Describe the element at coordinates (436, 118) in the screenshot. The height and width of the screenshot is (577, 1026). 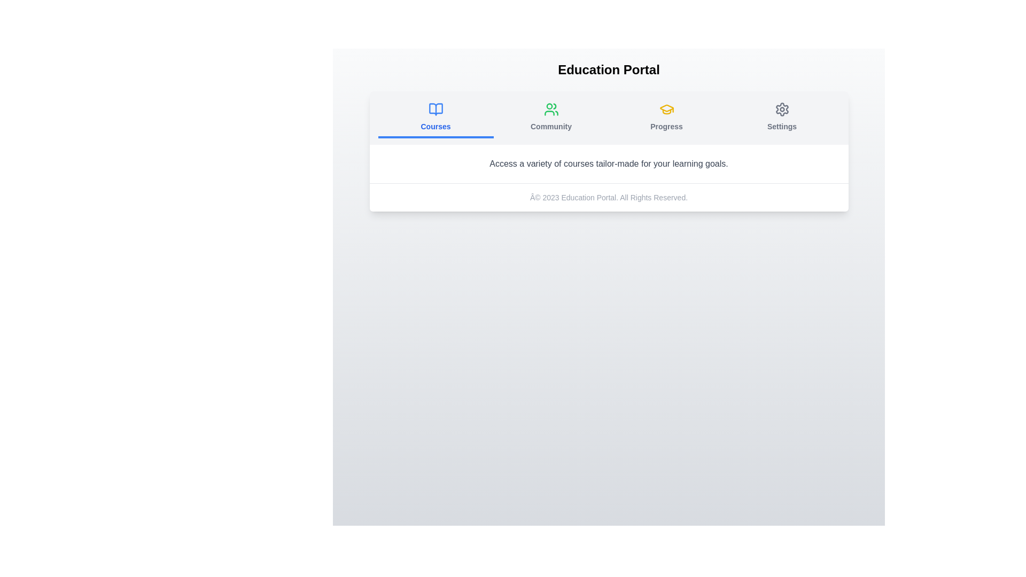
I see `the 'Courses' navigation button, which is the first button in the navigation bar and features an open book icon above the text` at that location.